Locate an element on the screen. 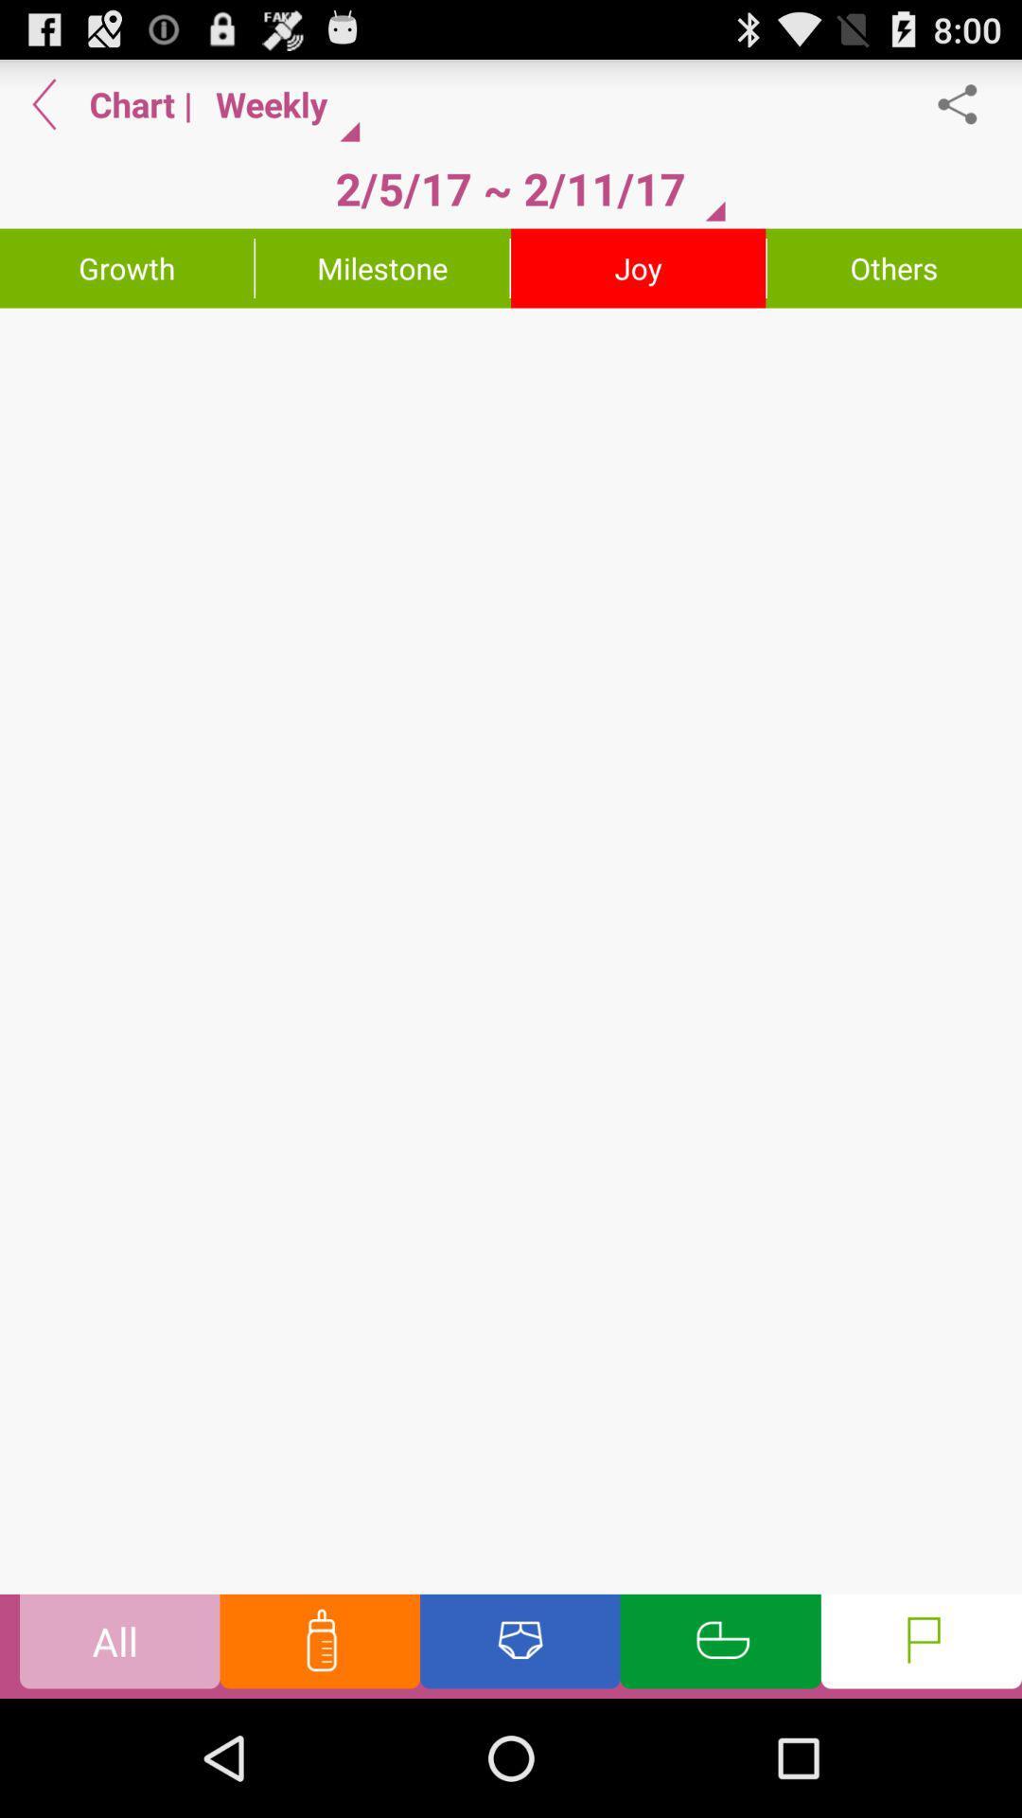 Image resolution: width=1022 pixels, height=1818 pixels. icon above the 2 5 17 is located at coordinates (280, 103).